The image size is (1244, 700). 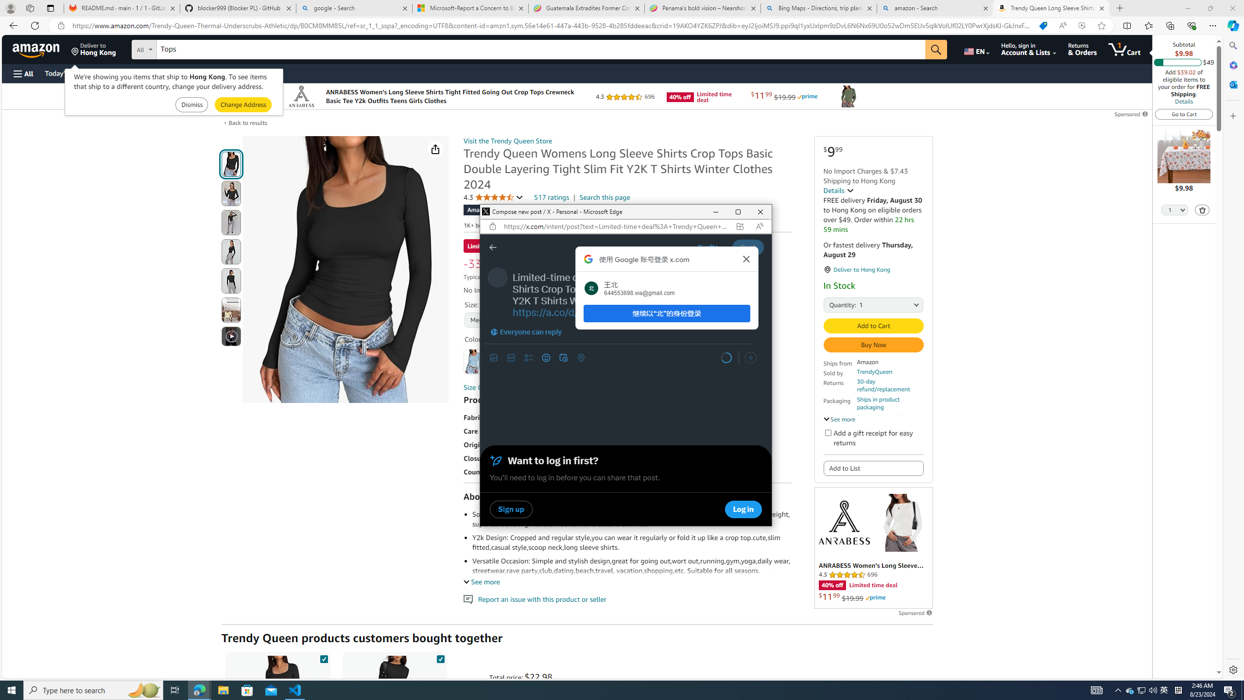 I want to click on 'Visual Studio Code - 1 running window', so click(x=295, y=689).